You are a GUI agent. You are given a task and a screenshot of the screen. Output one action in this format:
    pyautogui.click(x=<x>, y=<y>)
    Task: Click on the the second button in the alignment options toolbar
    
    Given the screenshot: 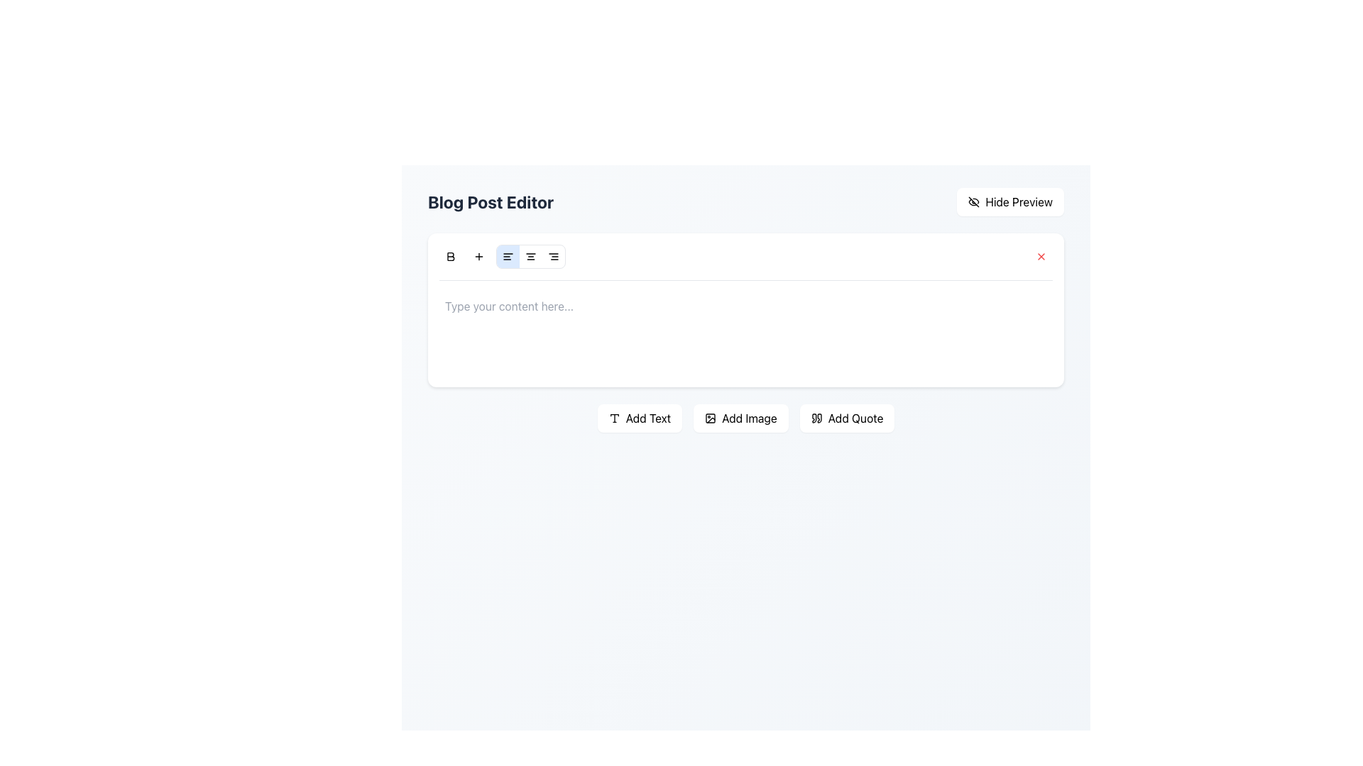 What is the action you would take?
    pyautogui.click(x=530, y=257)
    